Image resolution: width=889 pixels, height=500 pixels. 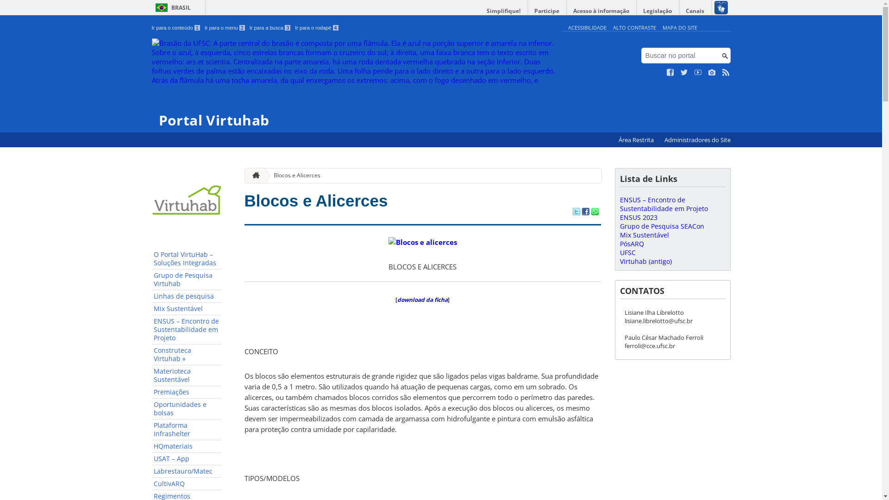 I want to click on 'Participe', so click(x=546, y=11).